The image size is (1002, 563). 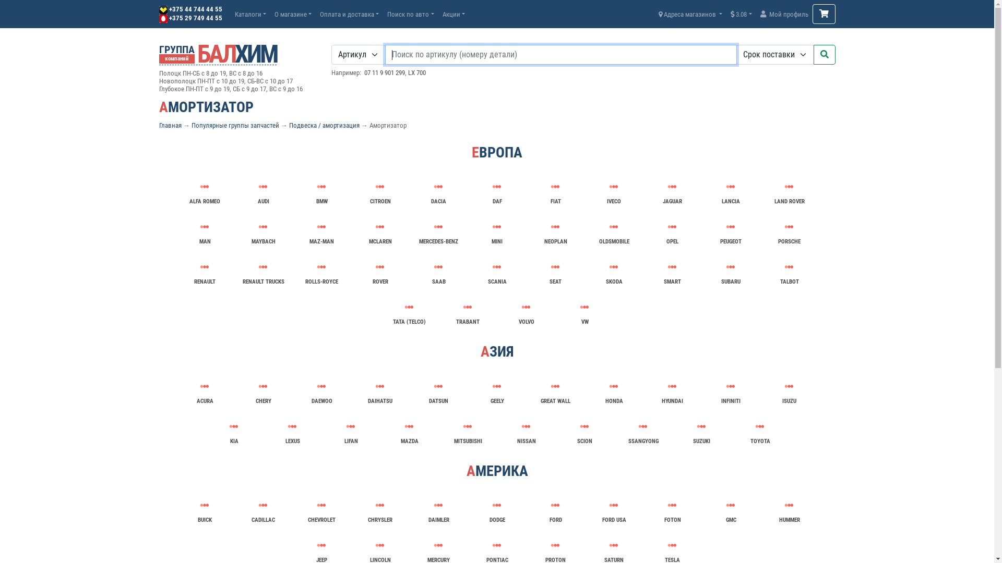 I want to click on 'KIA', so click(x=233, y=426).